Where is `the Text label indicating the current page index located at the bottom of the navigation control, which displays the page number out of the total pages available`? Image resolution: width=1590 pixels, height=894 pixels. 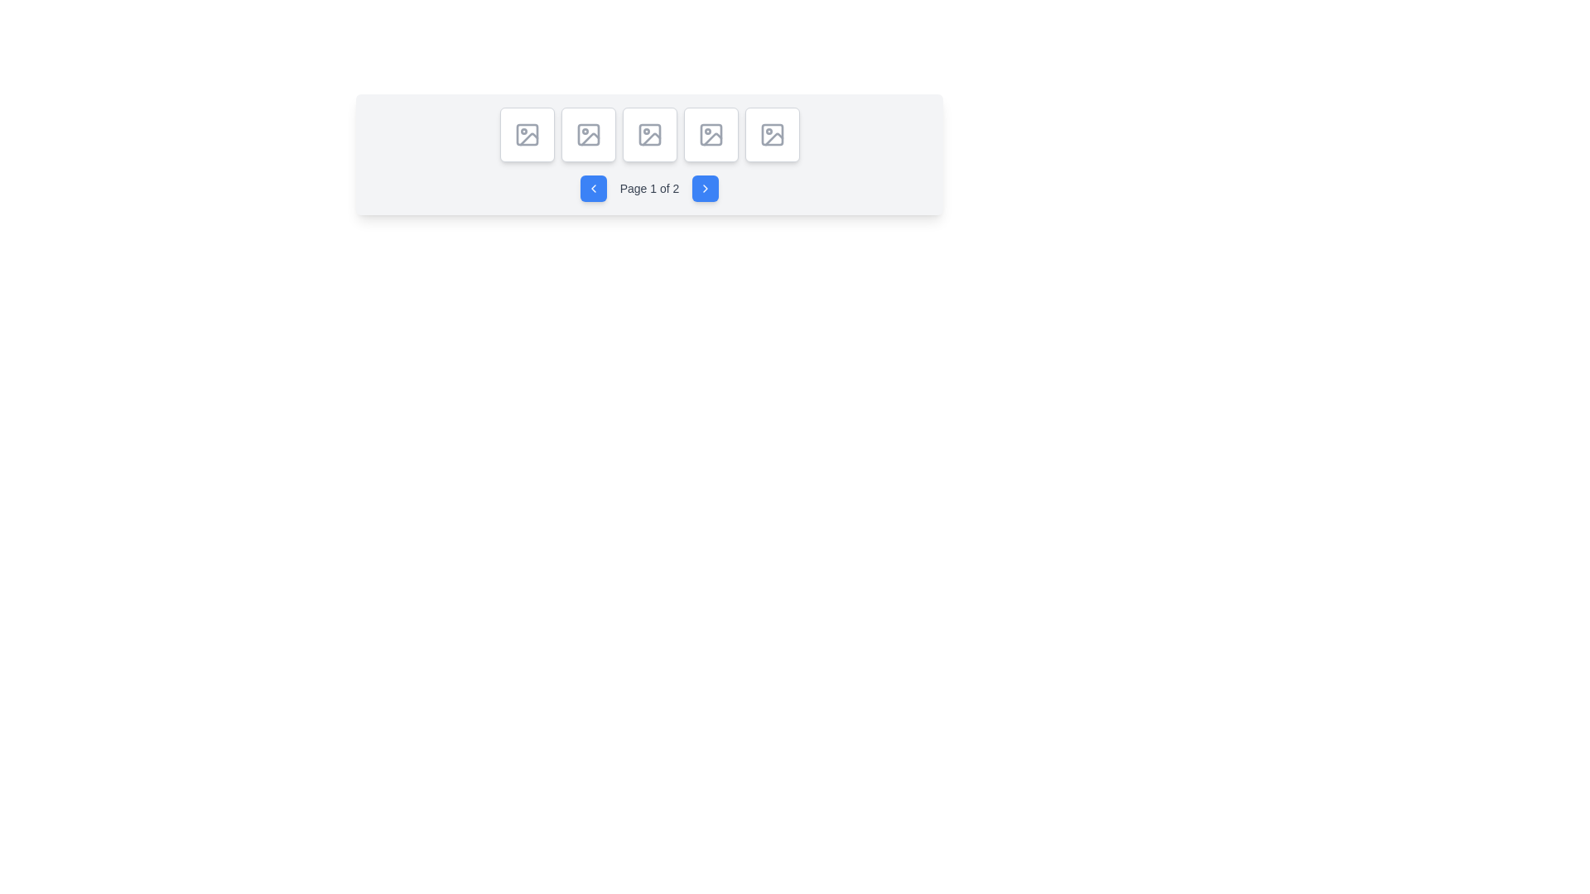
the Text label indicating the current page index located at the bottom of the navigation control, which displays the page number out of the total pages available is located at coordinates (648, 187).